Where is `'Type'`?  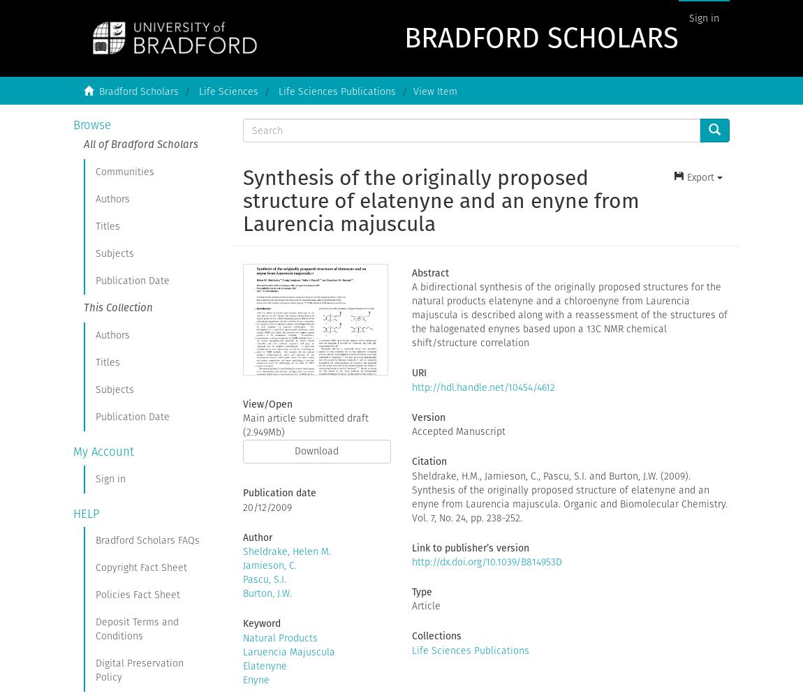 'Type' is located at coordinates (411, 591).